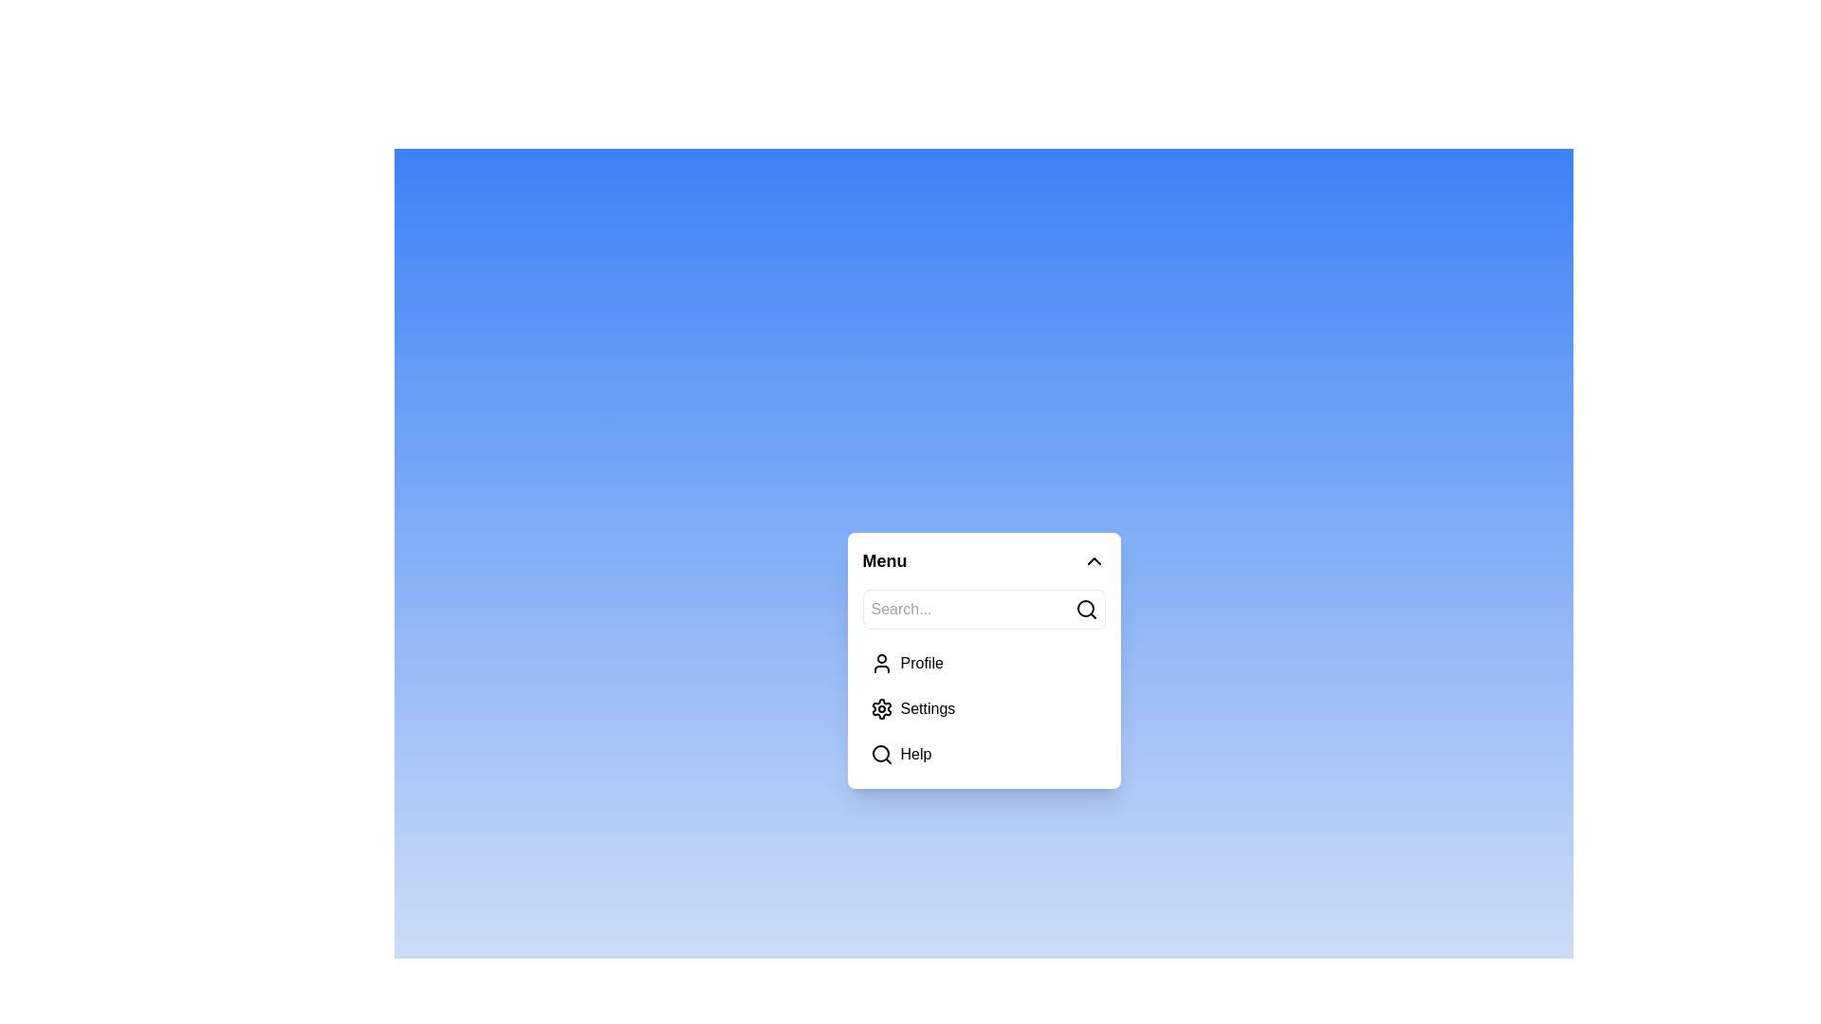  I want to click on the menu item Settings from the list, so click(984, 709).